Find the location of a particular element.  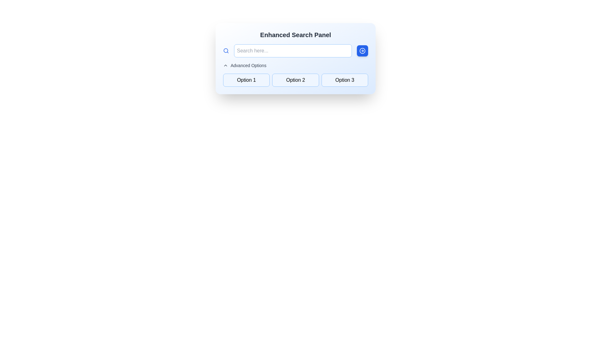

the trigger action button located at the far right end of the row containing the search input field is located at coordinates (362, 50).